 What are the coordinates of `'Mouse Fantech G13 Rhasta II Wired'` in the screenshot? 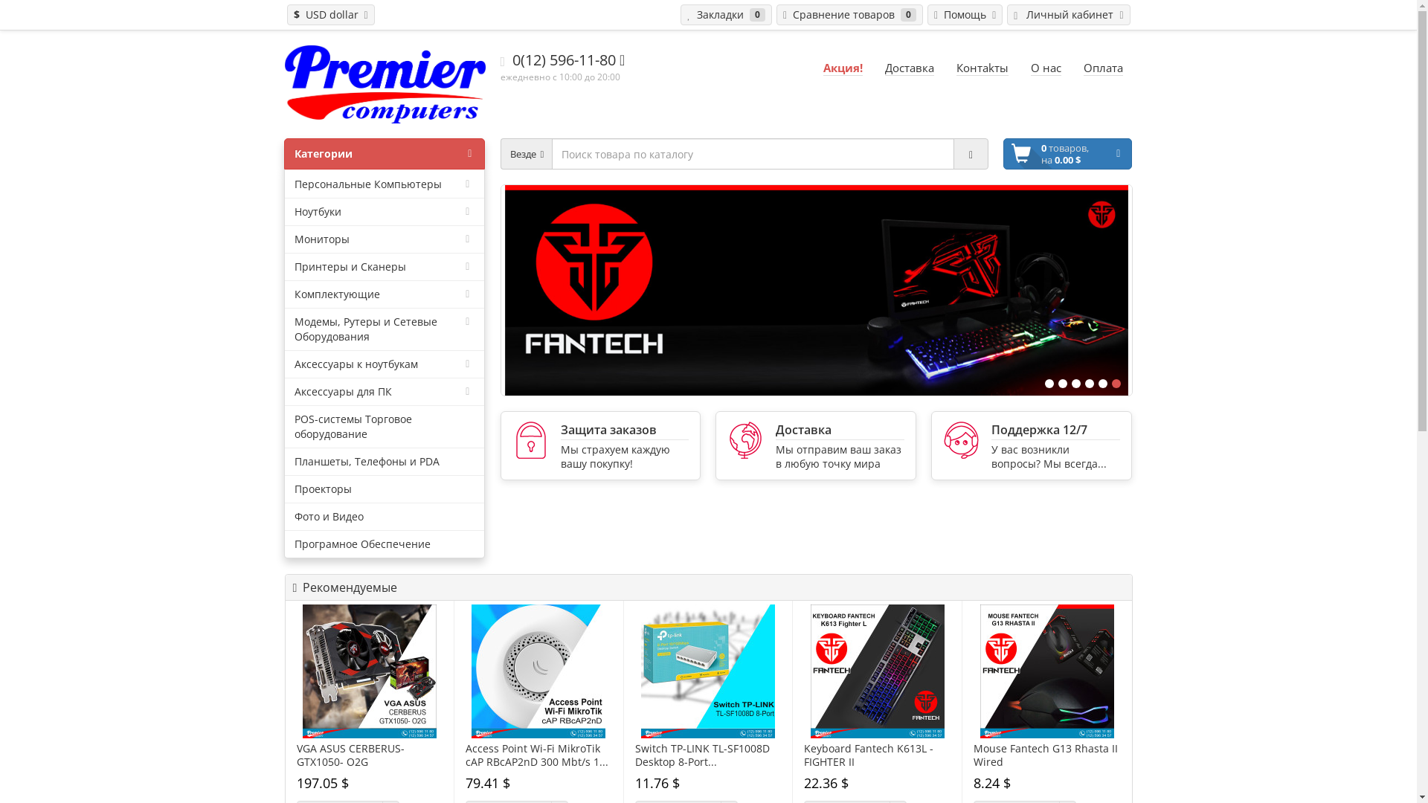 It's located at (1046, 755).